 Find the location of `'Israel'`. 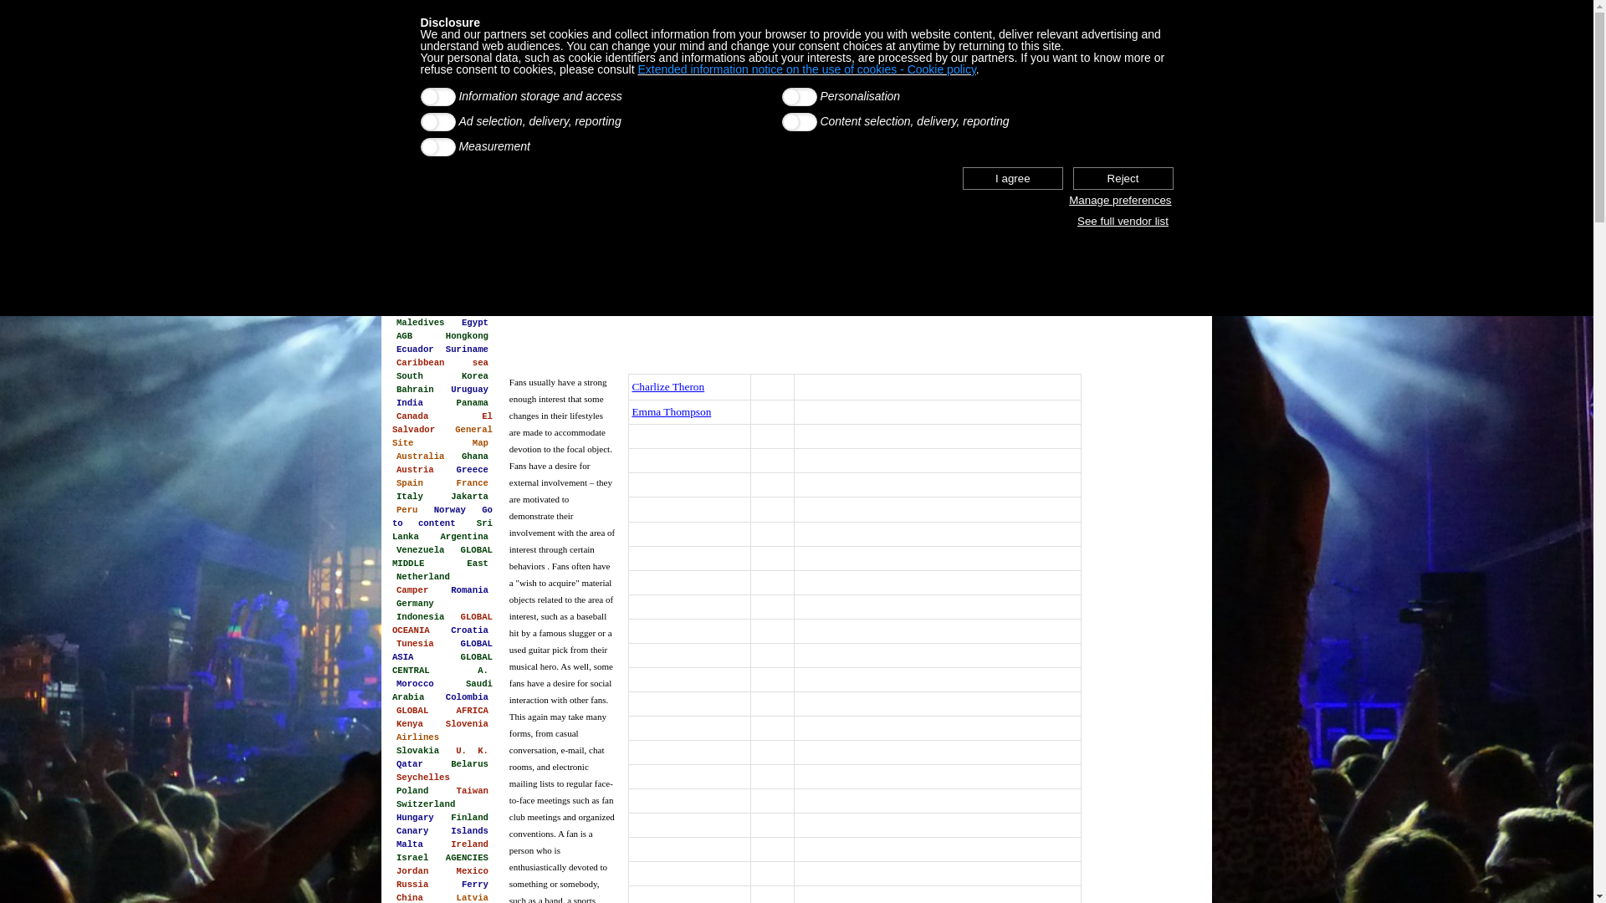

'Israel' is located at coordinates (412, 858).